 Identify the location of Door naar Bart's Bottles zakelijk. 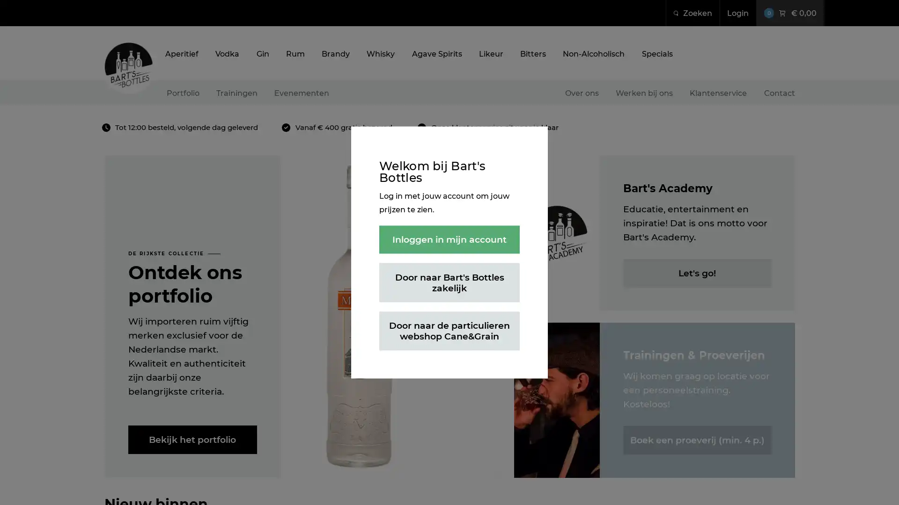
(449, 282).